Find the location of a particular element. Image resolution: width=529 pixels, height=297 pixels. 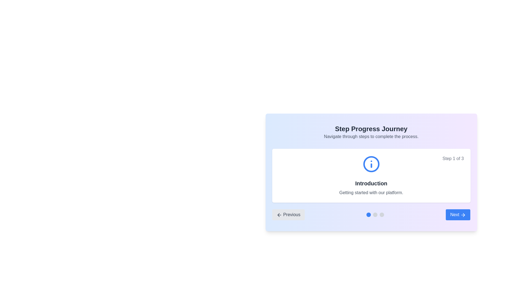

the text element displaying 'Getting started with our platform.' which is located beneath the 'Introduction' heading in the central Step Progress section is located at coordinates (371, 193).